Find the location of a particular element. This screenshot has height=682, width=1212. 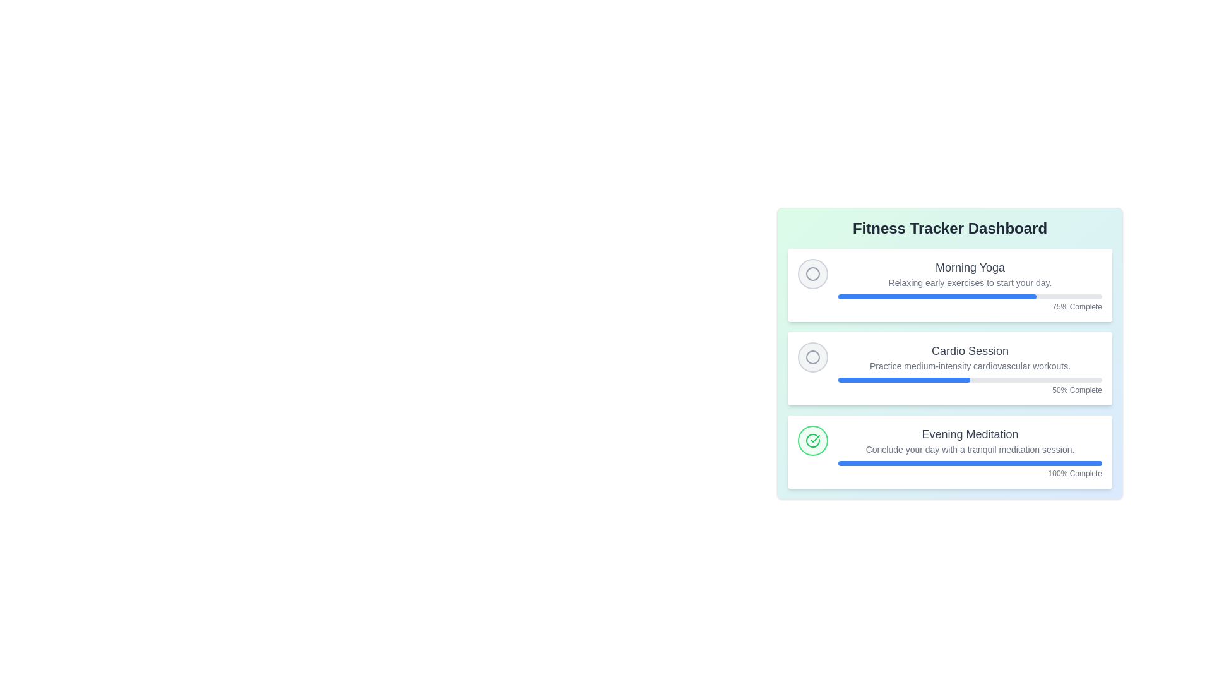

the 'Morning Yoga' card with progress bar located at the top-left corner of the Fitness Tracker Dashboard is located at coordinates (950, 285).